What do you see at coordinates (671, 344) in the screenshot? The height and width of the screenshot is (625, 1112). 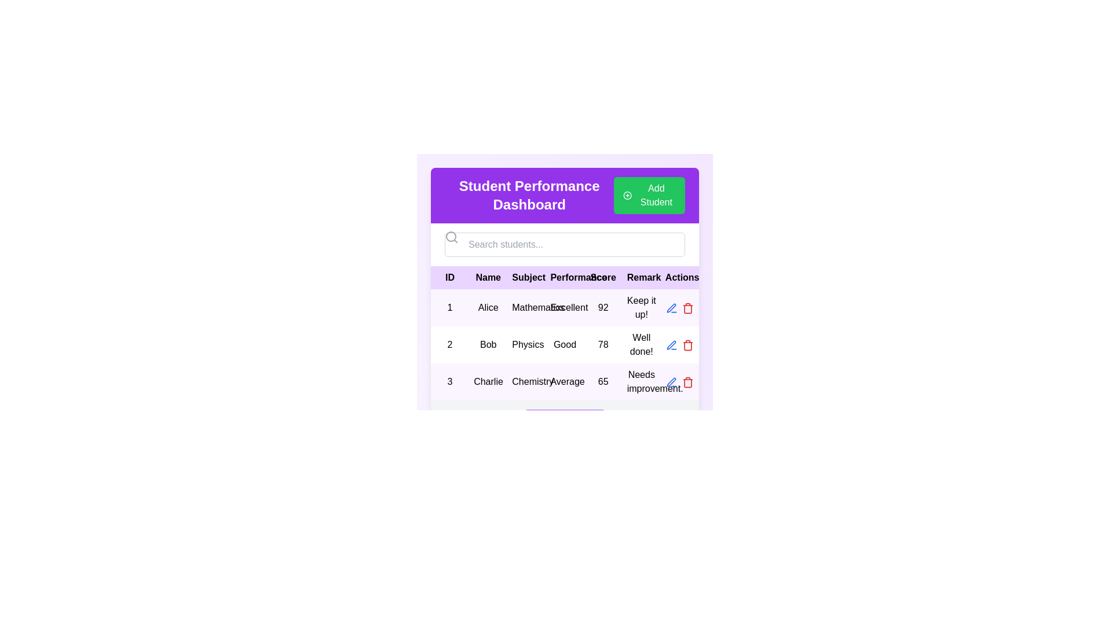 I see `the edit icon button represented by a pen or pencil located in the last column of the table for the student 'Charlie' in the 'Chemistry' row` at bounding box center [671, 344].